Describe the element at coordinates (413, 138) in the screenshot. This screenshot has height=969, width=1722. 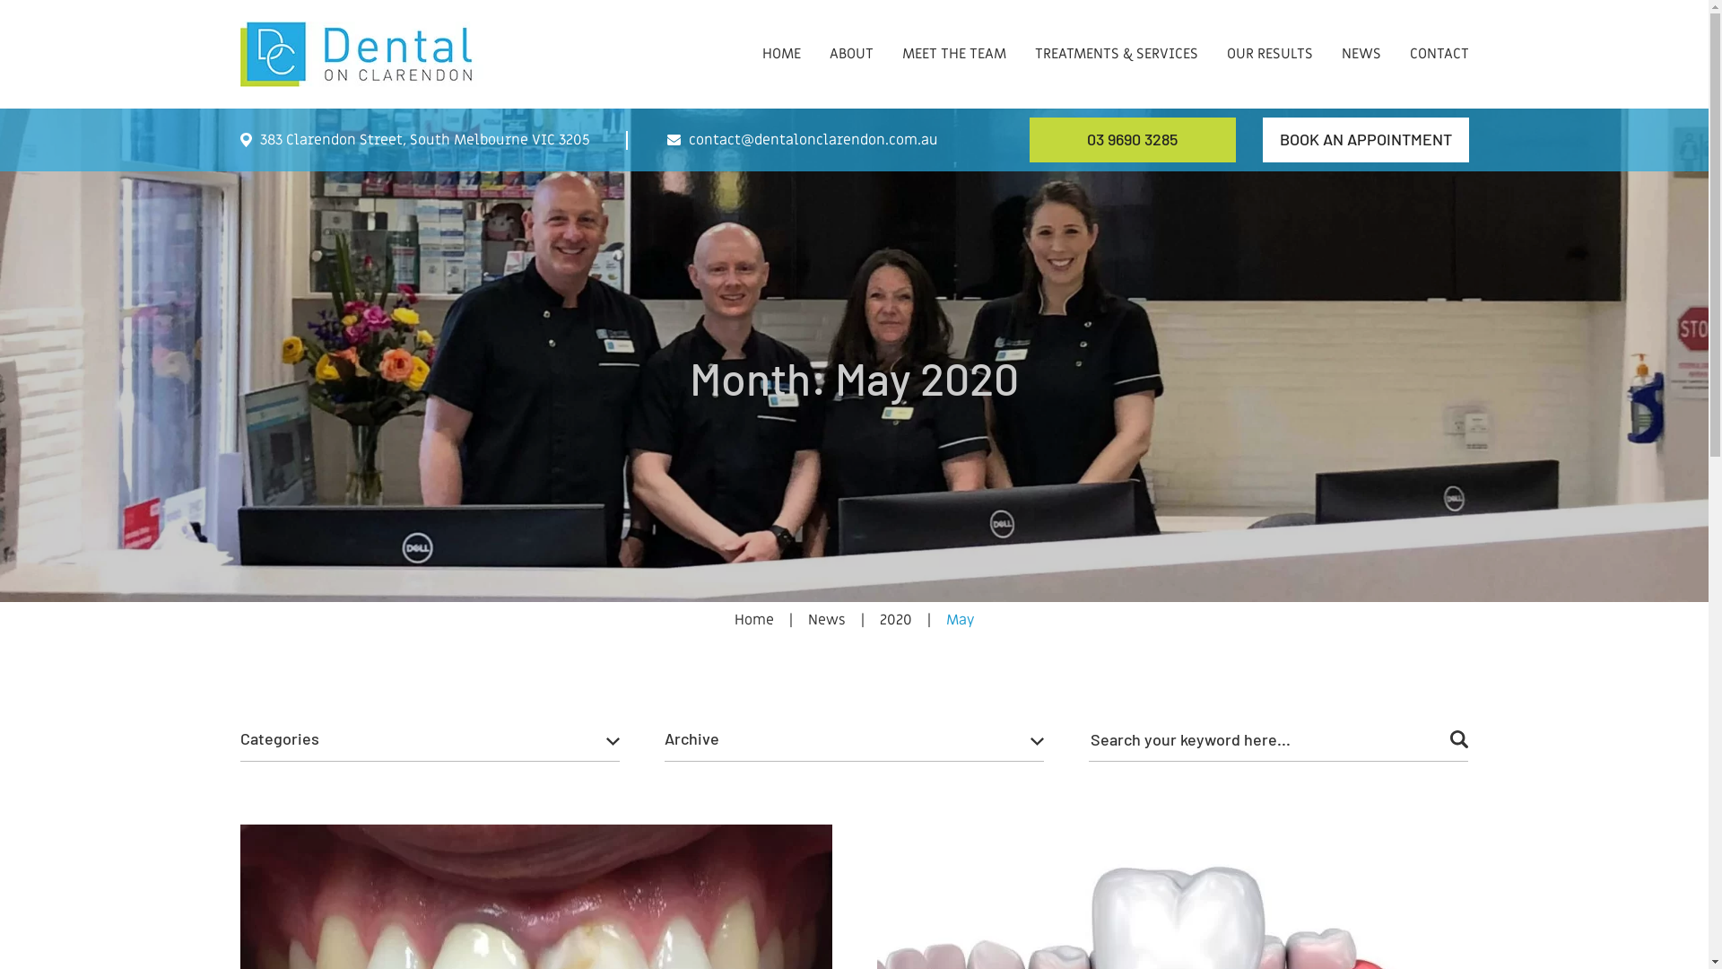
I see `'383 Clarendon Street, South Melbourne VIC 3205'` at that location.